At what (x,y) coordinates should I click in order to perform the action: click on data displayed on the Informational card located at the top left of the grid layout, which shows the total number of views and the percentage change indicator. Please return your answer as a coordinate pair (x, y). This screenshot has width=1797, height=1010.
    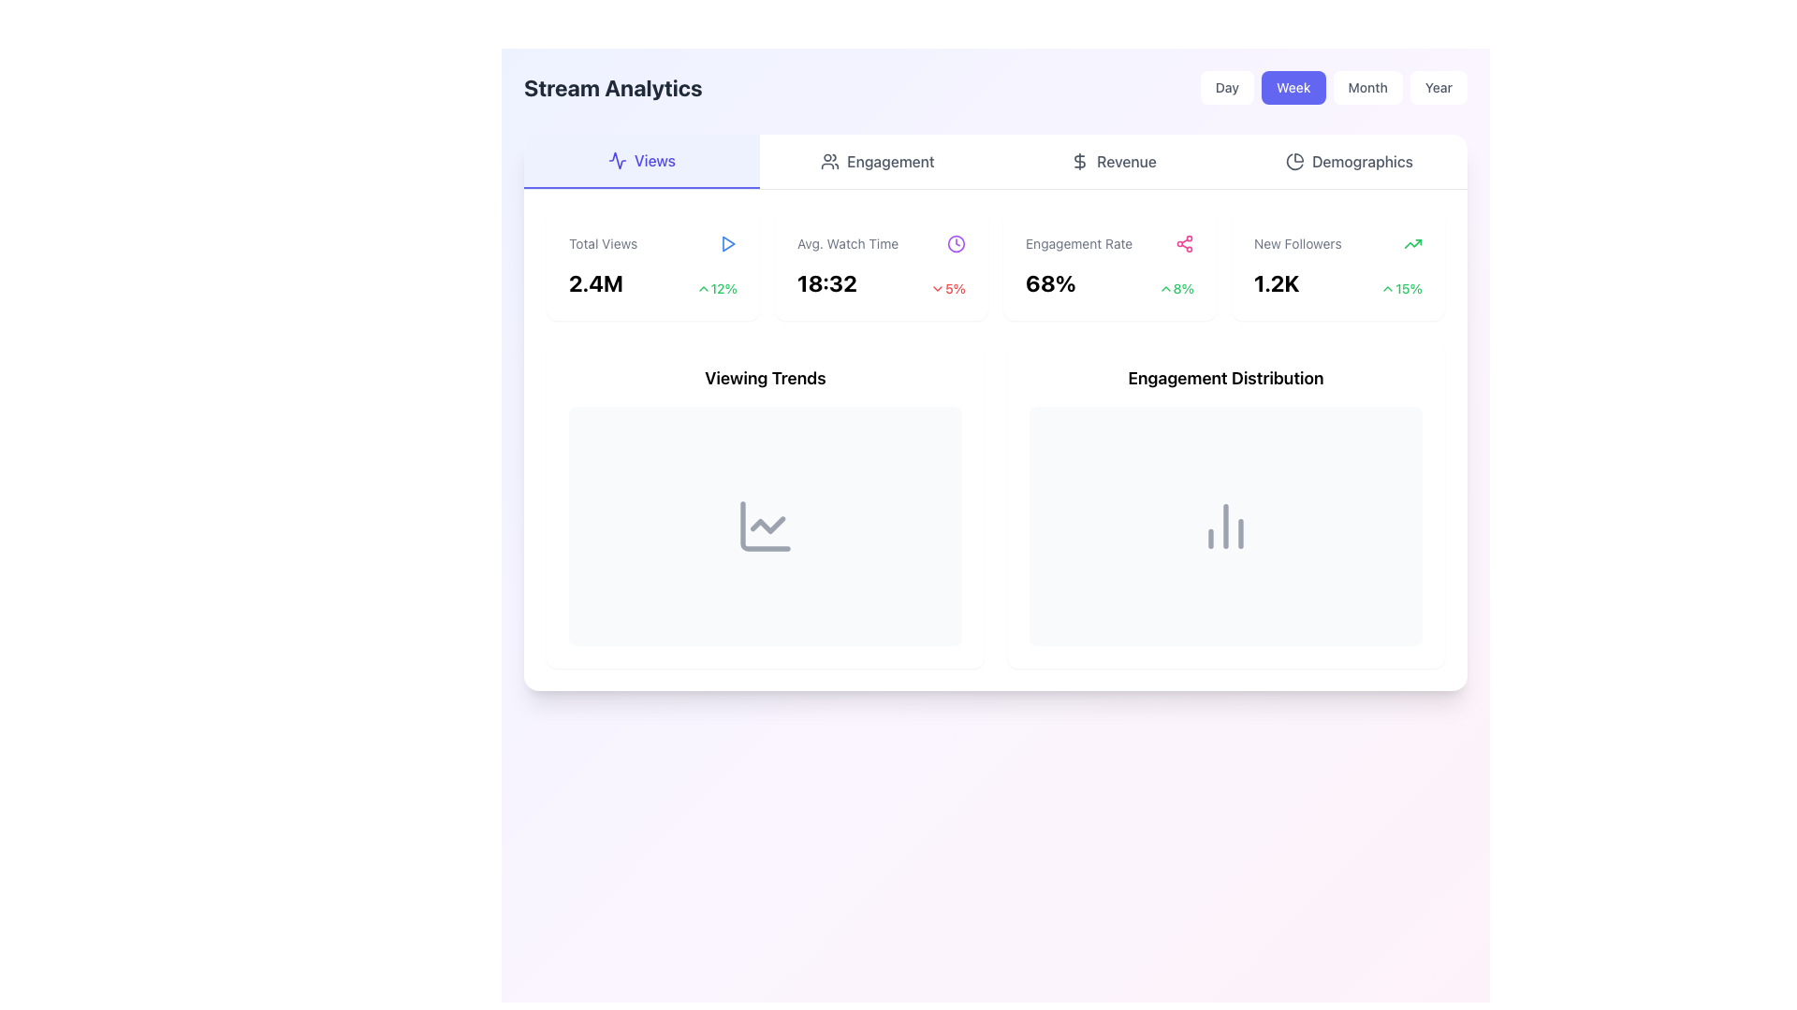
    Looking at the image, I should click on (652, 267).